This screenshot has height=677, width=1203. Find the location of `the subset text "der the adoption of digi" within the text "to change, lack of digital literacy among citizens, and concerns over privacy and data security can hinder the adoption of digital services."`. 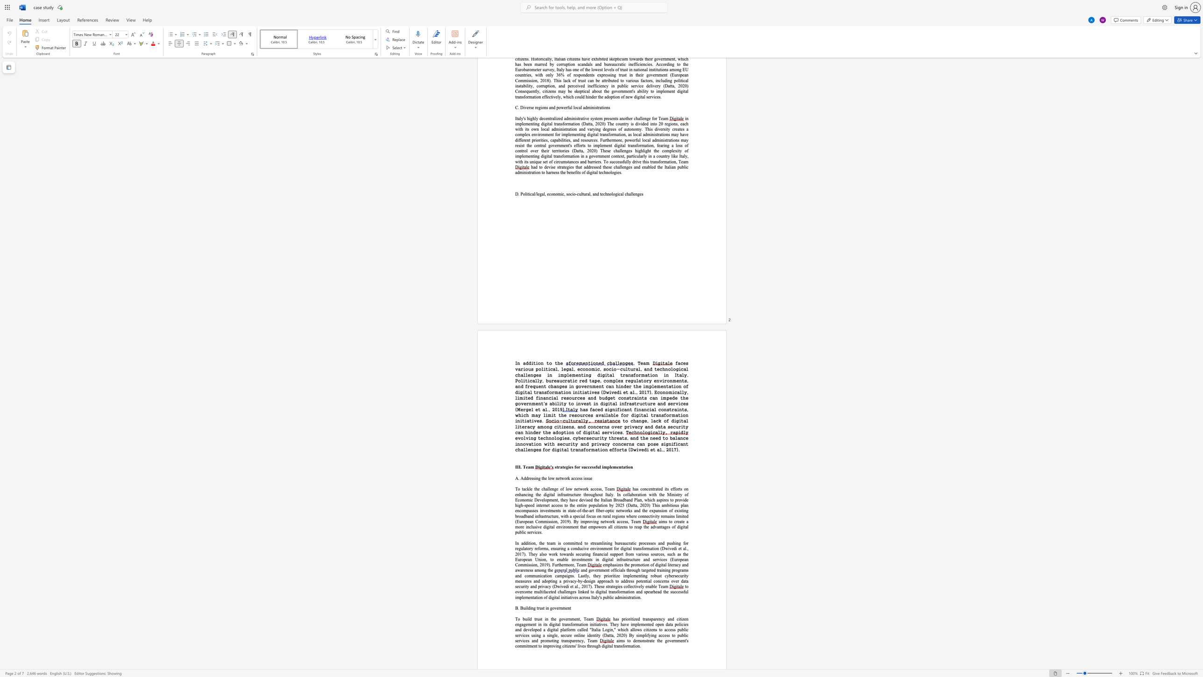

the subset text "der the adoption of digi" within the text "to change, lack of digital literacy among citizens, and concerns over privacy and data security can hinder the adoption of digital services." is located at coordinates (532, 432).